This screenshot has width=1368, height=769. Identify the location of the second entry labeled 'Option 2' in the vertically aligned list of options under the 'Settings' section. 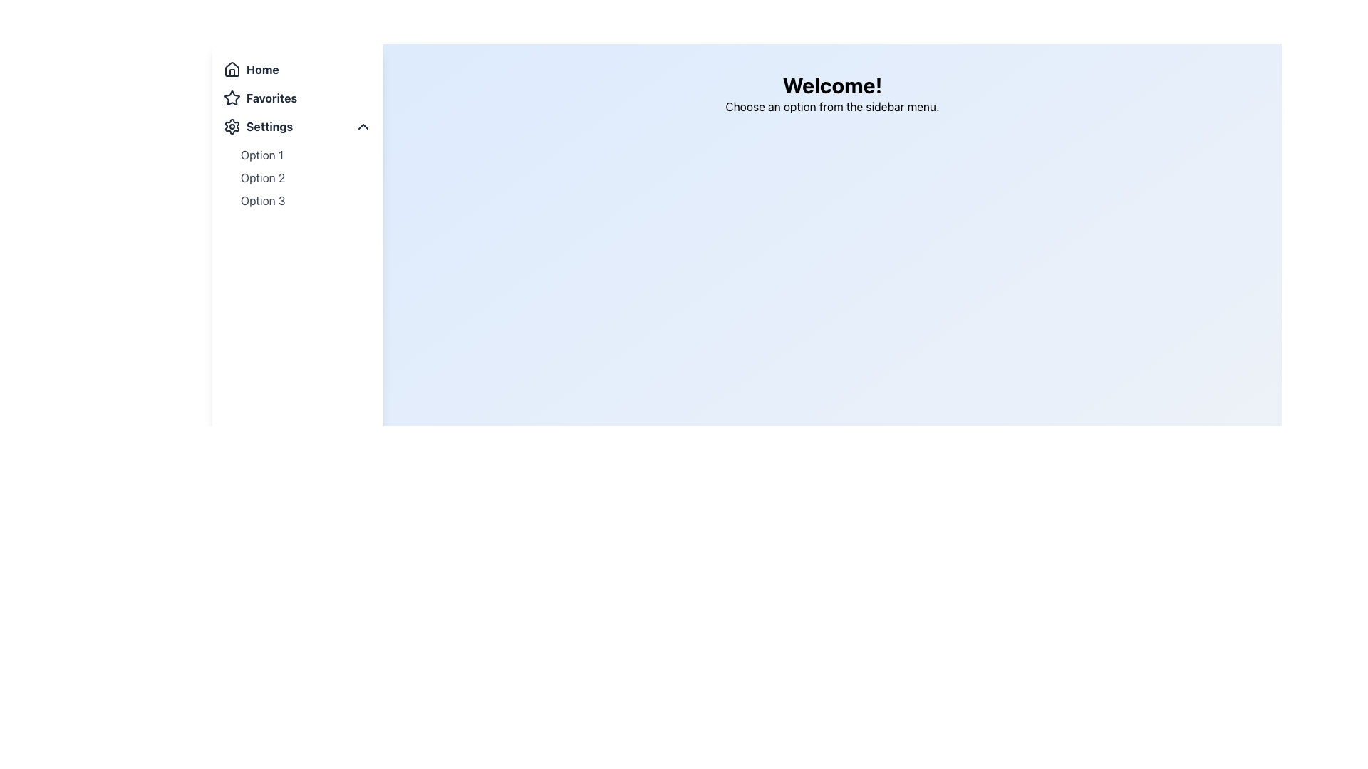
(263, 177).